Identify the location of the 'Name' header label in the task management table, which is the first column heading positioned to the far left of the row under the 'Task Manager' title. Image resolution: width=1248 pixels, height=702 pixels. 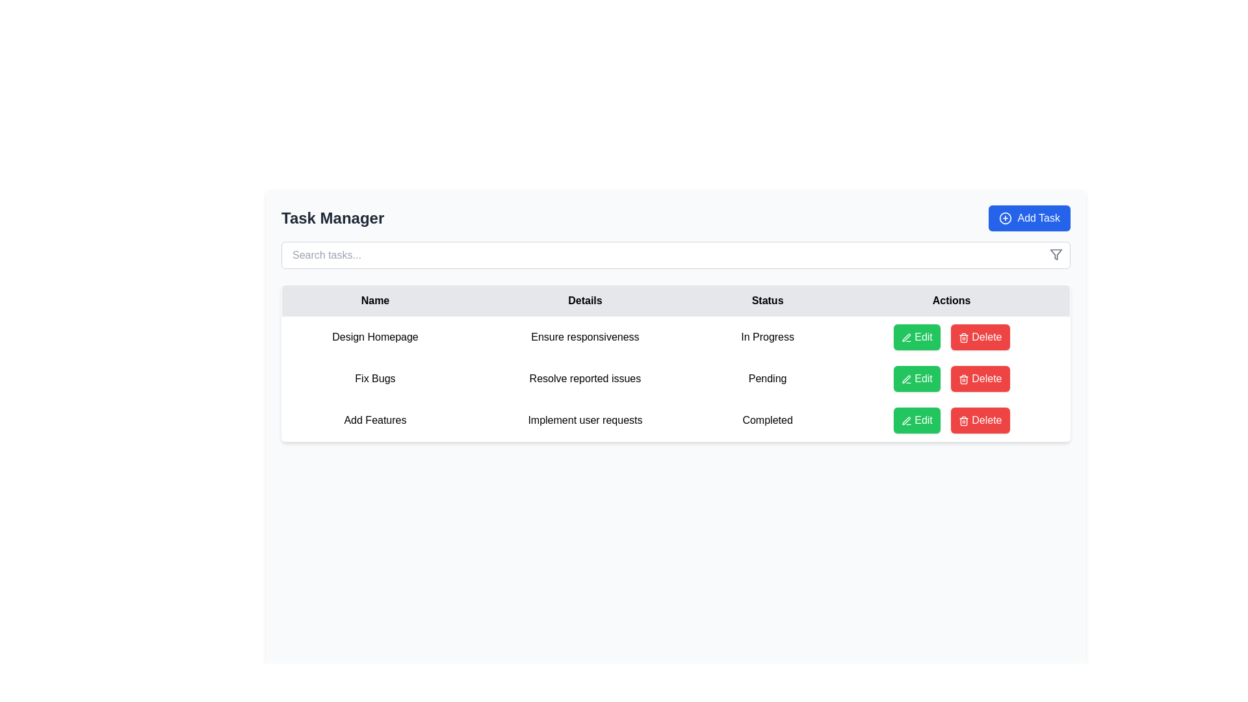
(374, 300).